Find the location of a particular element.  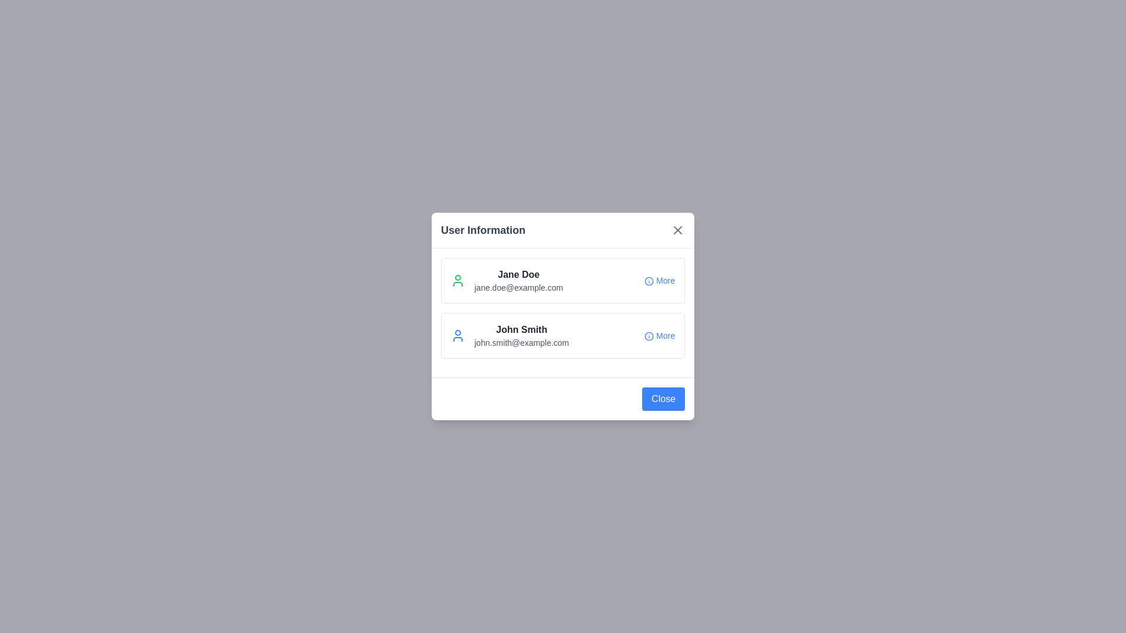

the user icon for John Smith is located at coordinates (457, 336).